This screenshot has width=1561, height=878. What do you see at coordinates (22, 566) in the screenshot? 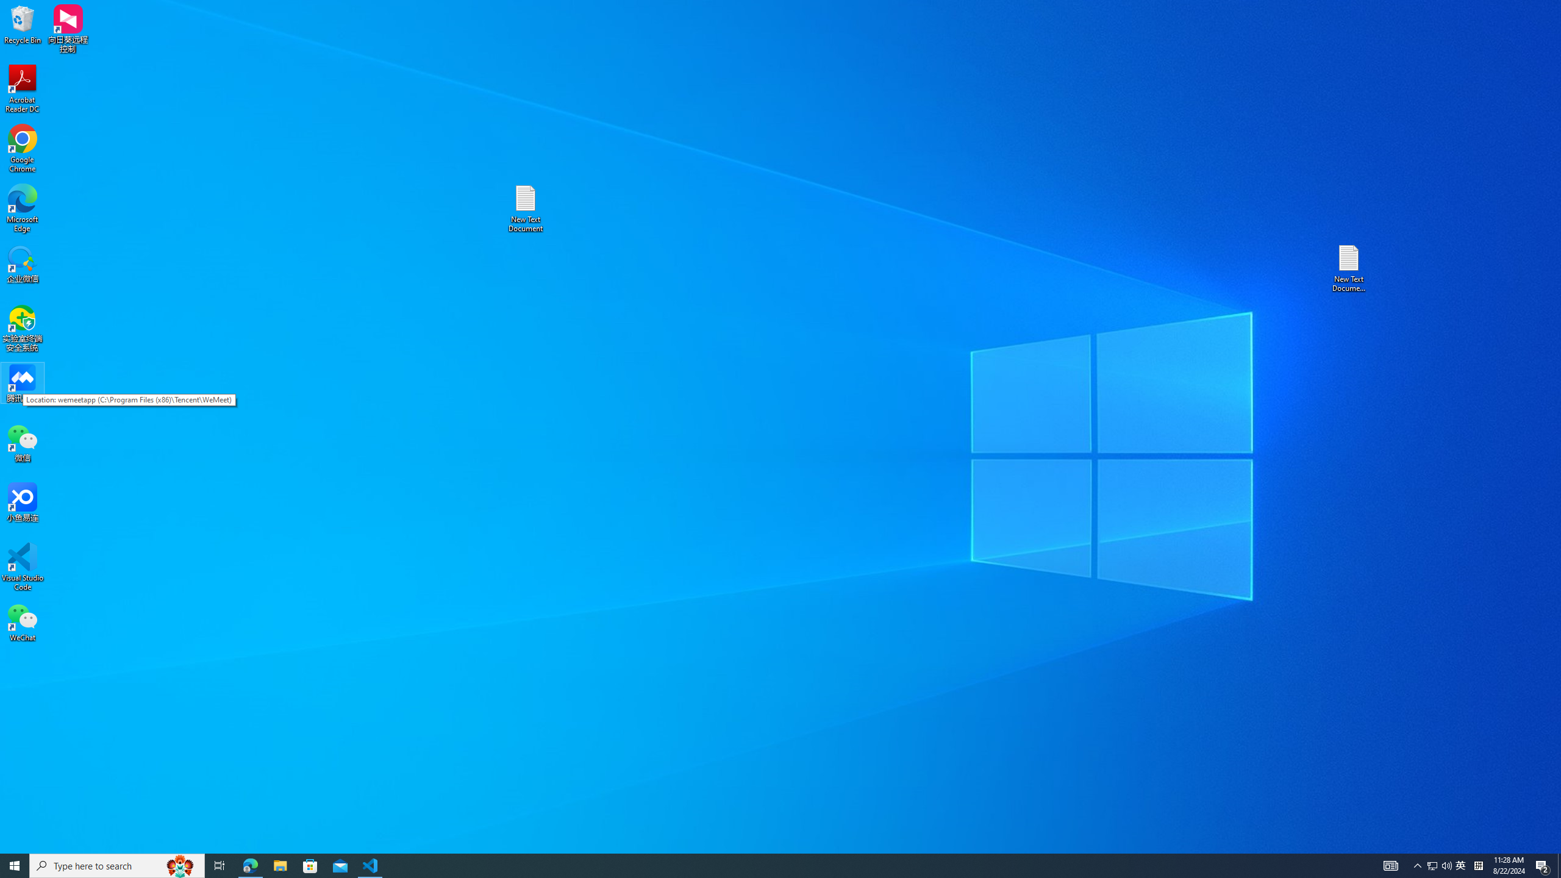
I see `'Visual Studio Code'` at bounding box center [22, 566].